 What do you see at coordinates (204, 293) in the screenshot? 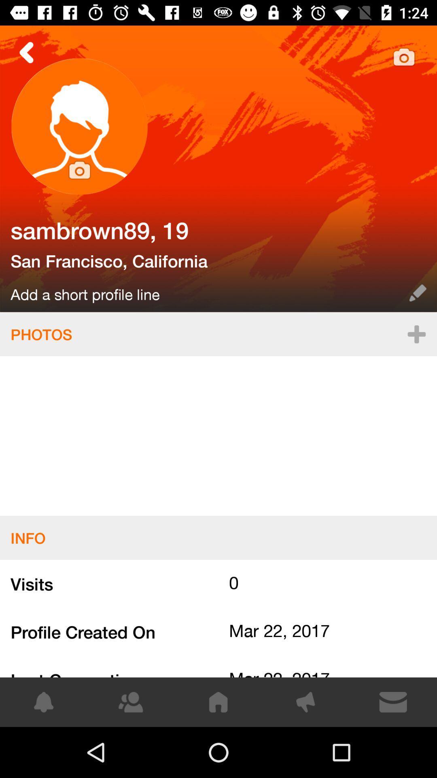
I see `the item below the san francisco, california item` at bounding box center [204, 293].